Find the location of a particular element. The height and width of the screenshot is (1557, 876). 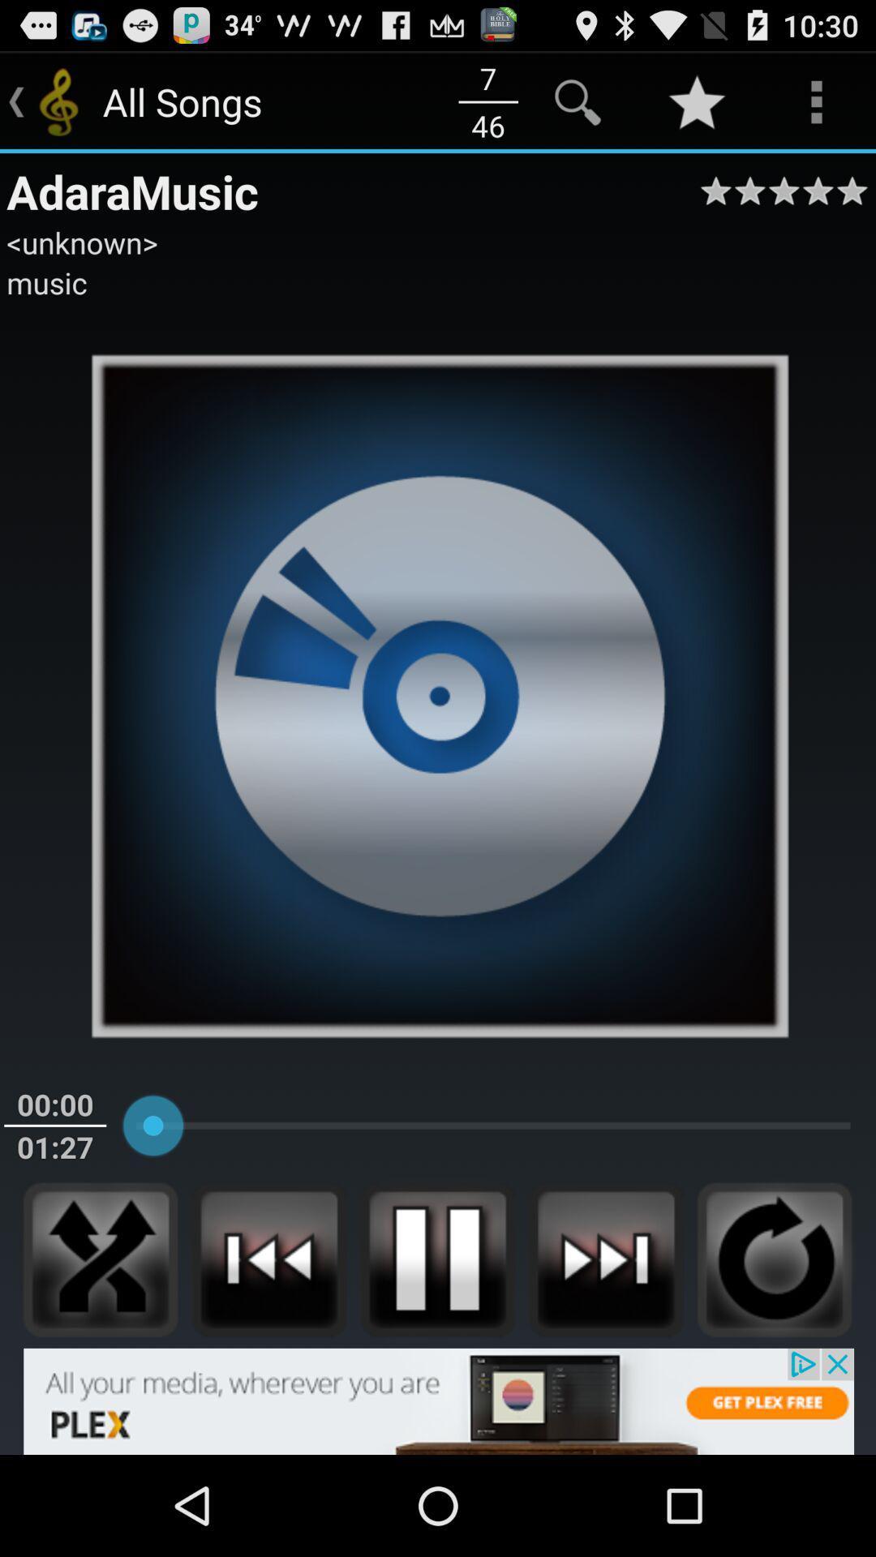

advance song is located at coordinates (606, 1259).